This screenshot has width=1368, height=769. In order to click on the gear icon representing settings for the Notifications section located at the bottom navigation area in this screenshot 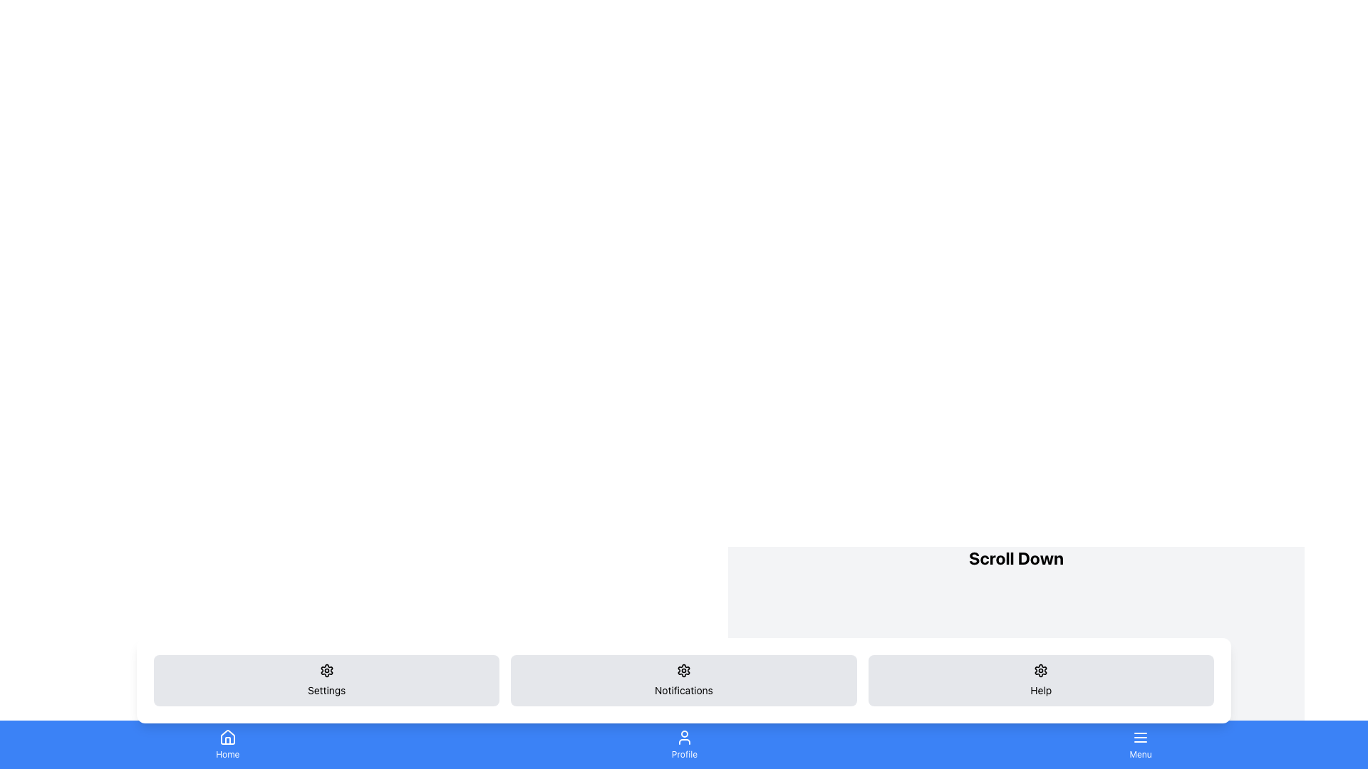, I will do `click(684, 670)`.